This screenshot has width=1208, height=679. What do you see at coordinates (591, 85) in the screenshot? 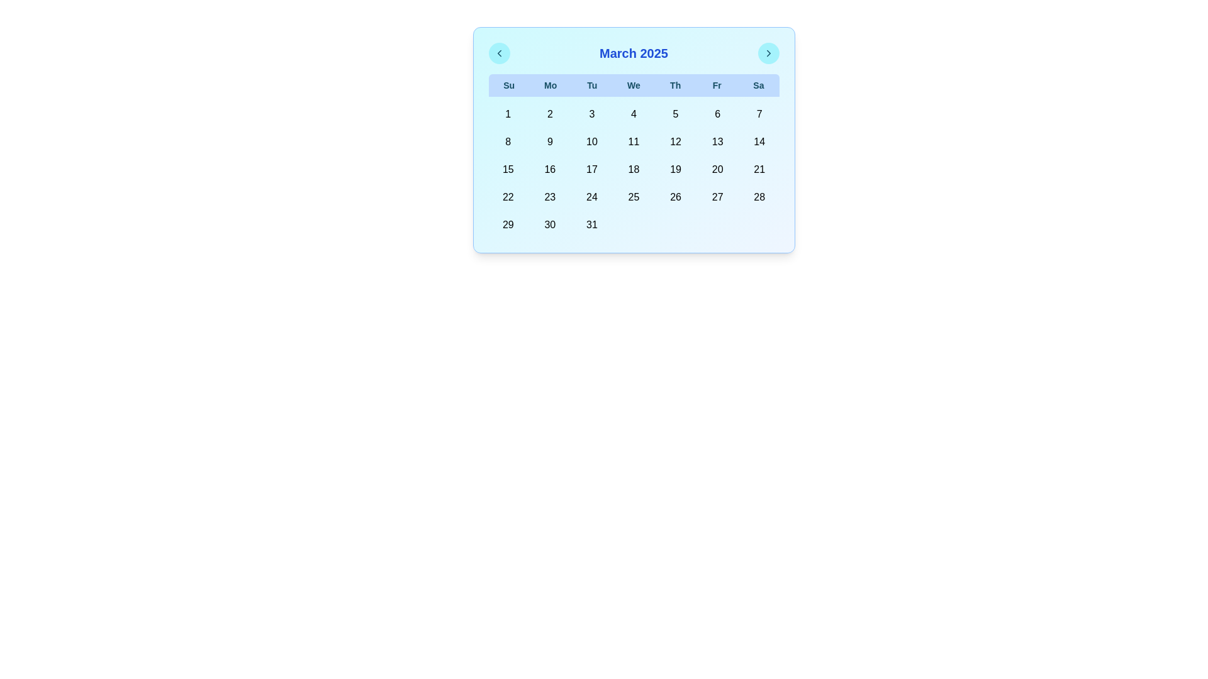
I see `the text label 'Tu' in bold cyan font, which represents Tuesday in the weekly header of the calendar, located beneath 'March 2025'` at bounding box center [591, 85].